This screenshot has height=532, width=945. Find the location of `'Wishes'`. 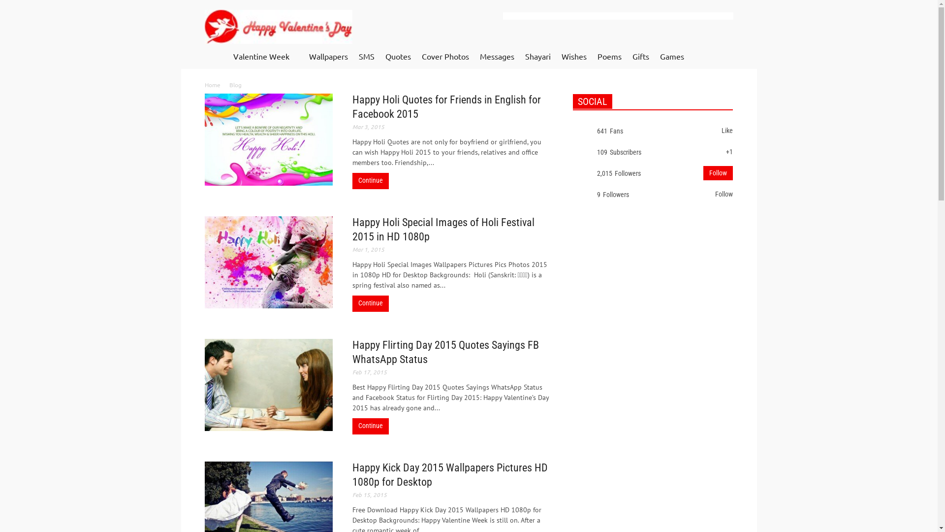

'Wishes' is located at coordinates (574, 57).